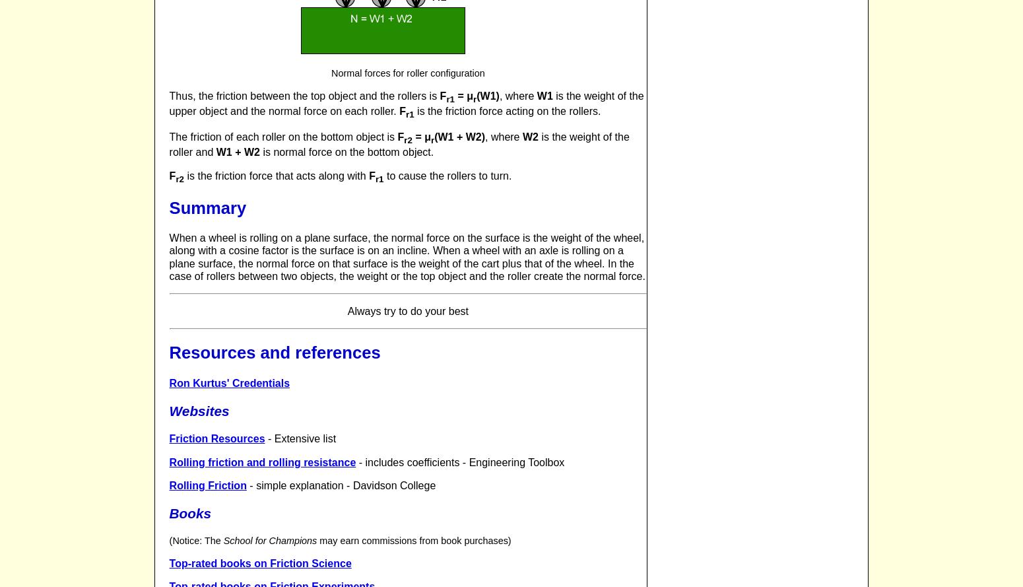 This screenshot has width=1023, height=587. What do you see at coordinates (270, 539) in the screenshot?
I see `'School for Champions'` at bounding box center [270, 539].